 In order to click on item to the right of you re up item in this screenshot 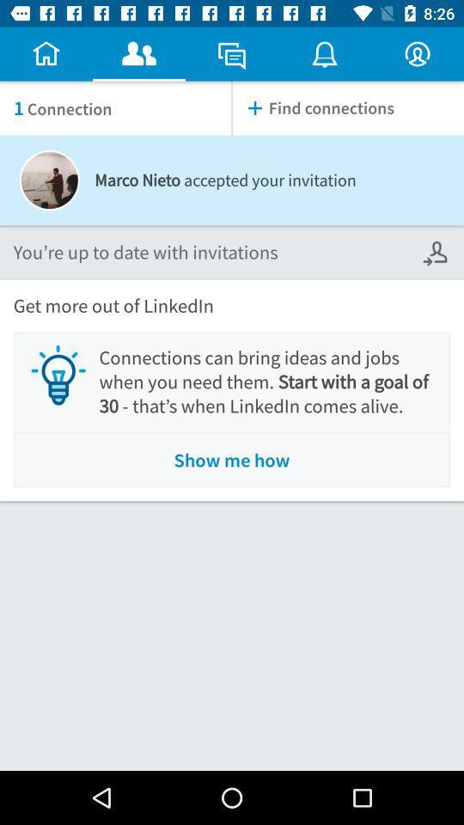, I will do `click(437, 252)`.